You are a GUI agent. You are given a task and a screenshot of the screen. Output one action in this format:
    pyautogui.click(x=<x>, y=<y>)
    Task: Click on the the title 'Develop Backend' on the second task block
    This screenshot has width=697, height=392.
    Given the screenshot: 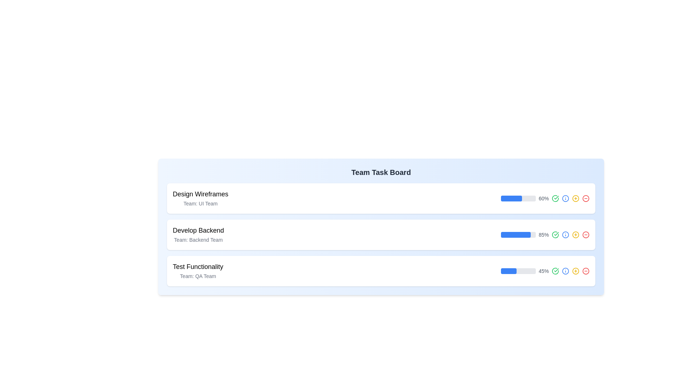 What is the action you would take?
    pyautogui.click(x=381, y=235)
    